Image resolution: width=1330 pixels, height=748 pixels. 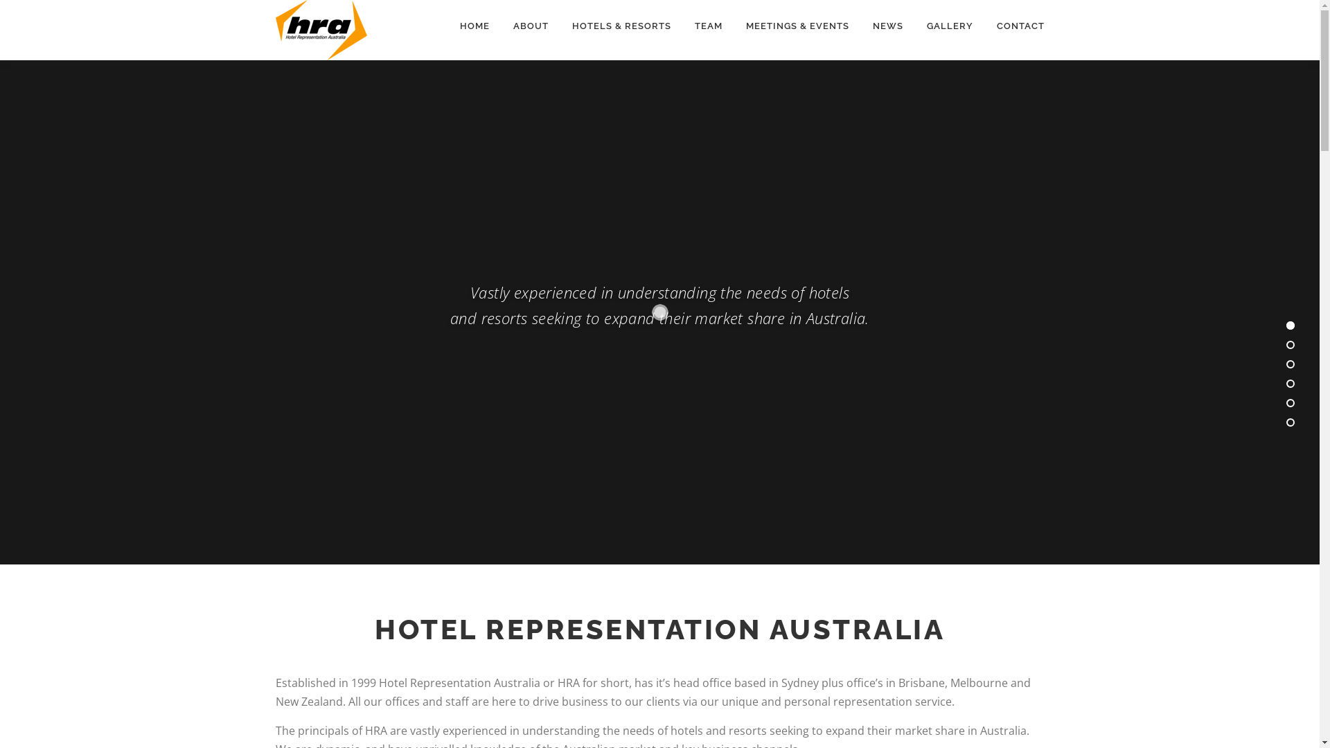 What do you see at coordinates (734, 26) in the screenshot?
I see `'MEETINGS & EVENTS'` at bounding box center [734, 26].